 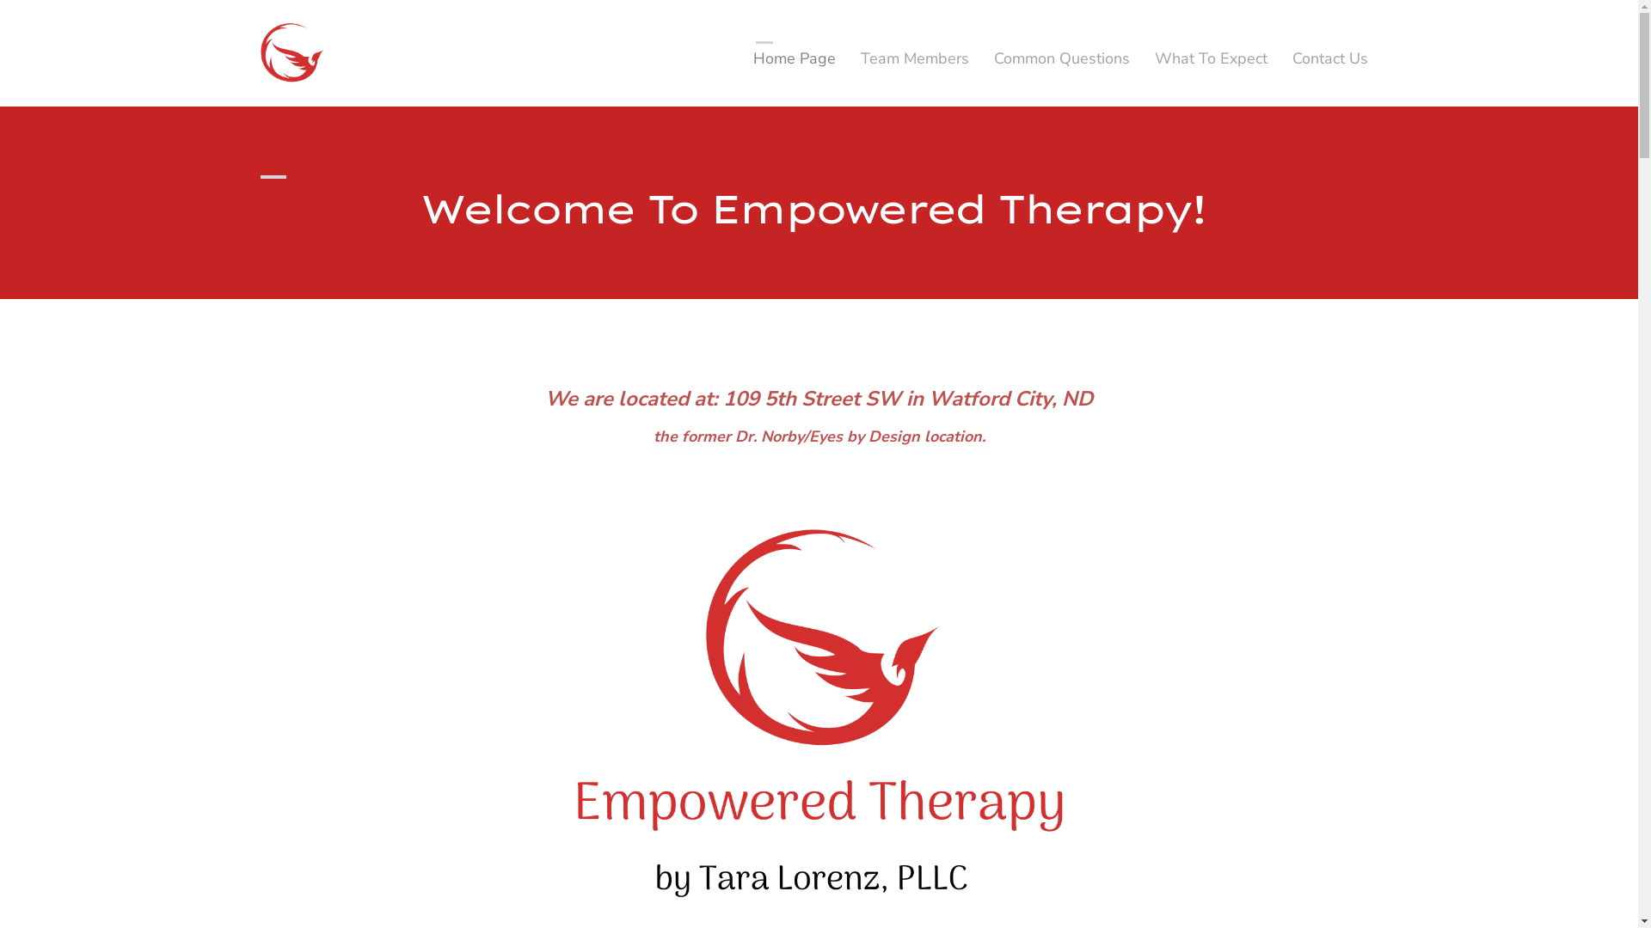 What do you see at coordinates (1210, 58) in the screenshot?
I see `'What To Expect'` at bounding box center [1210, 58].